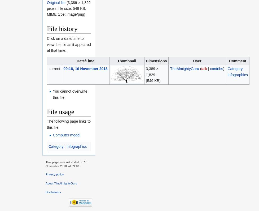  I want to click on 'Date/Time', so click(76, 61).